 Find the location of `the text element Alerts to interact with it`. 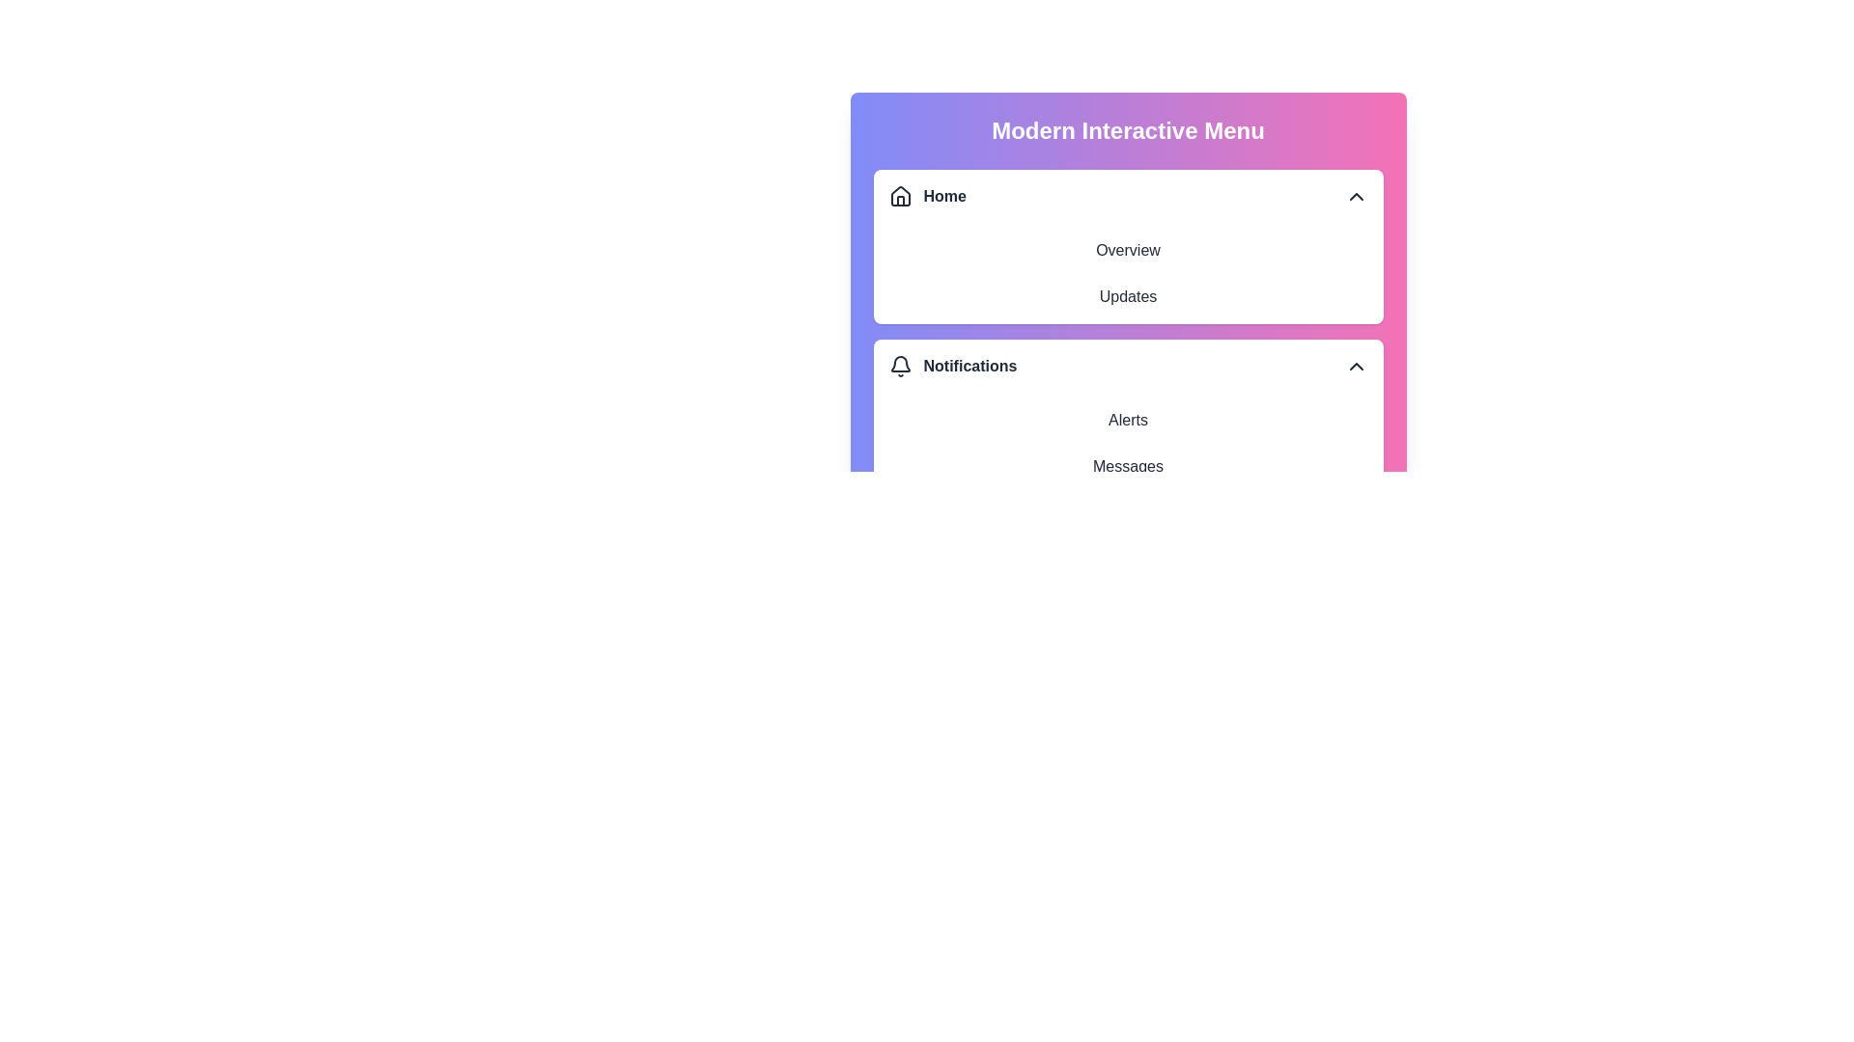

the text element Alerts to interact with it is located at coordinates (1128, 419).